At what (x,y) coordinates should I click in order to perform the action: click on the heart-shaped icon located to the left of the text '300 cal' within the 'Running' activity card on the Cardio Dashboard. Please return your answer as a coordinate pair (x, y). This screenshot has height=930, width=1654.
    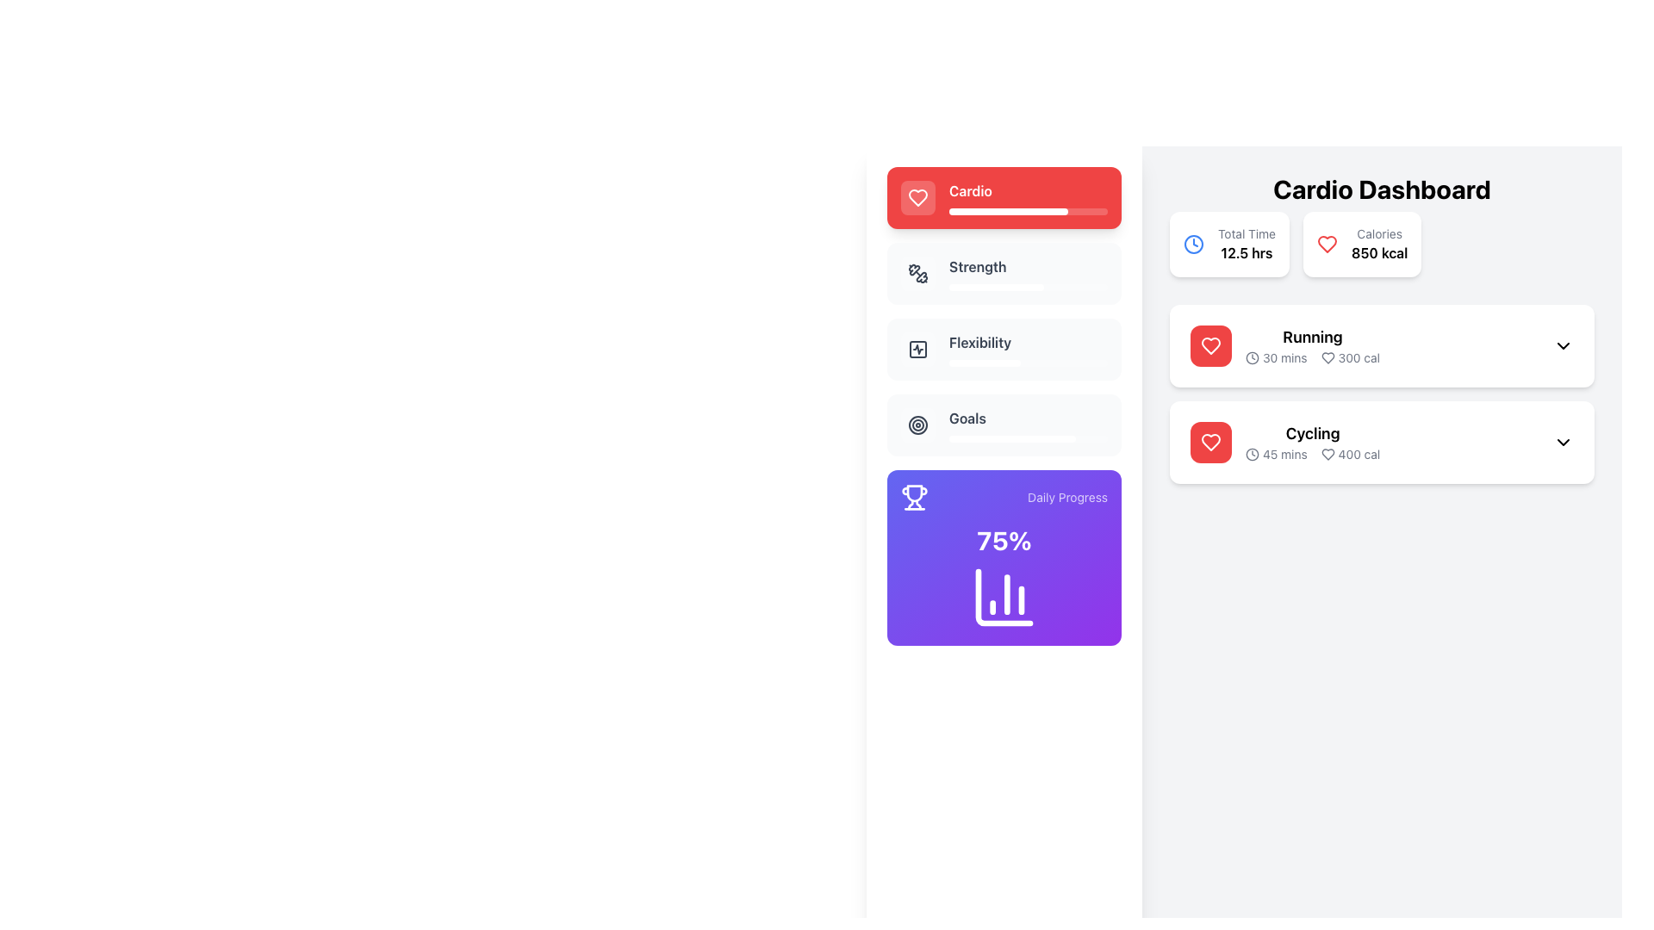
    Looking at the image, I should click on (1327, 357).